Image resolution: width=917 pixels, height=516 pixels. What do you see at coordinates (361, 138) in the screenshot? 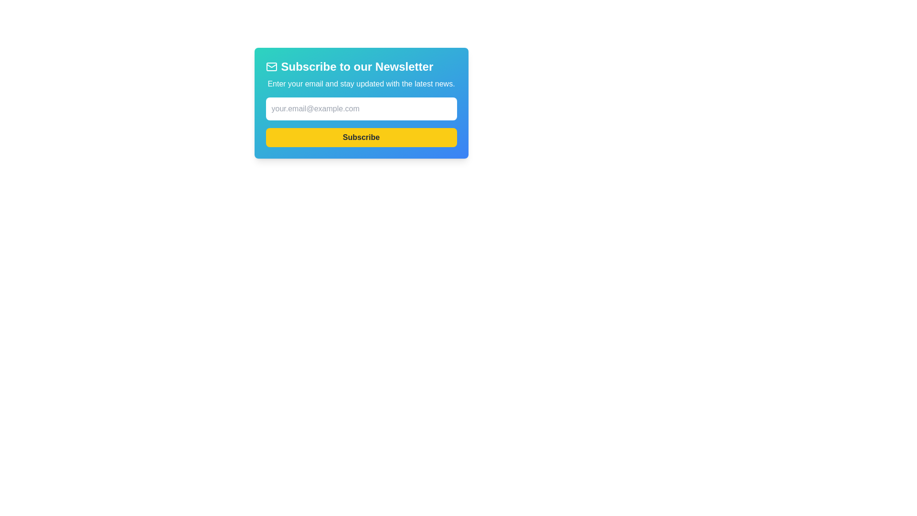
I see `the subscription request button located at the bottom of the subscription panel to change its color` at bounding box center [361, 138].